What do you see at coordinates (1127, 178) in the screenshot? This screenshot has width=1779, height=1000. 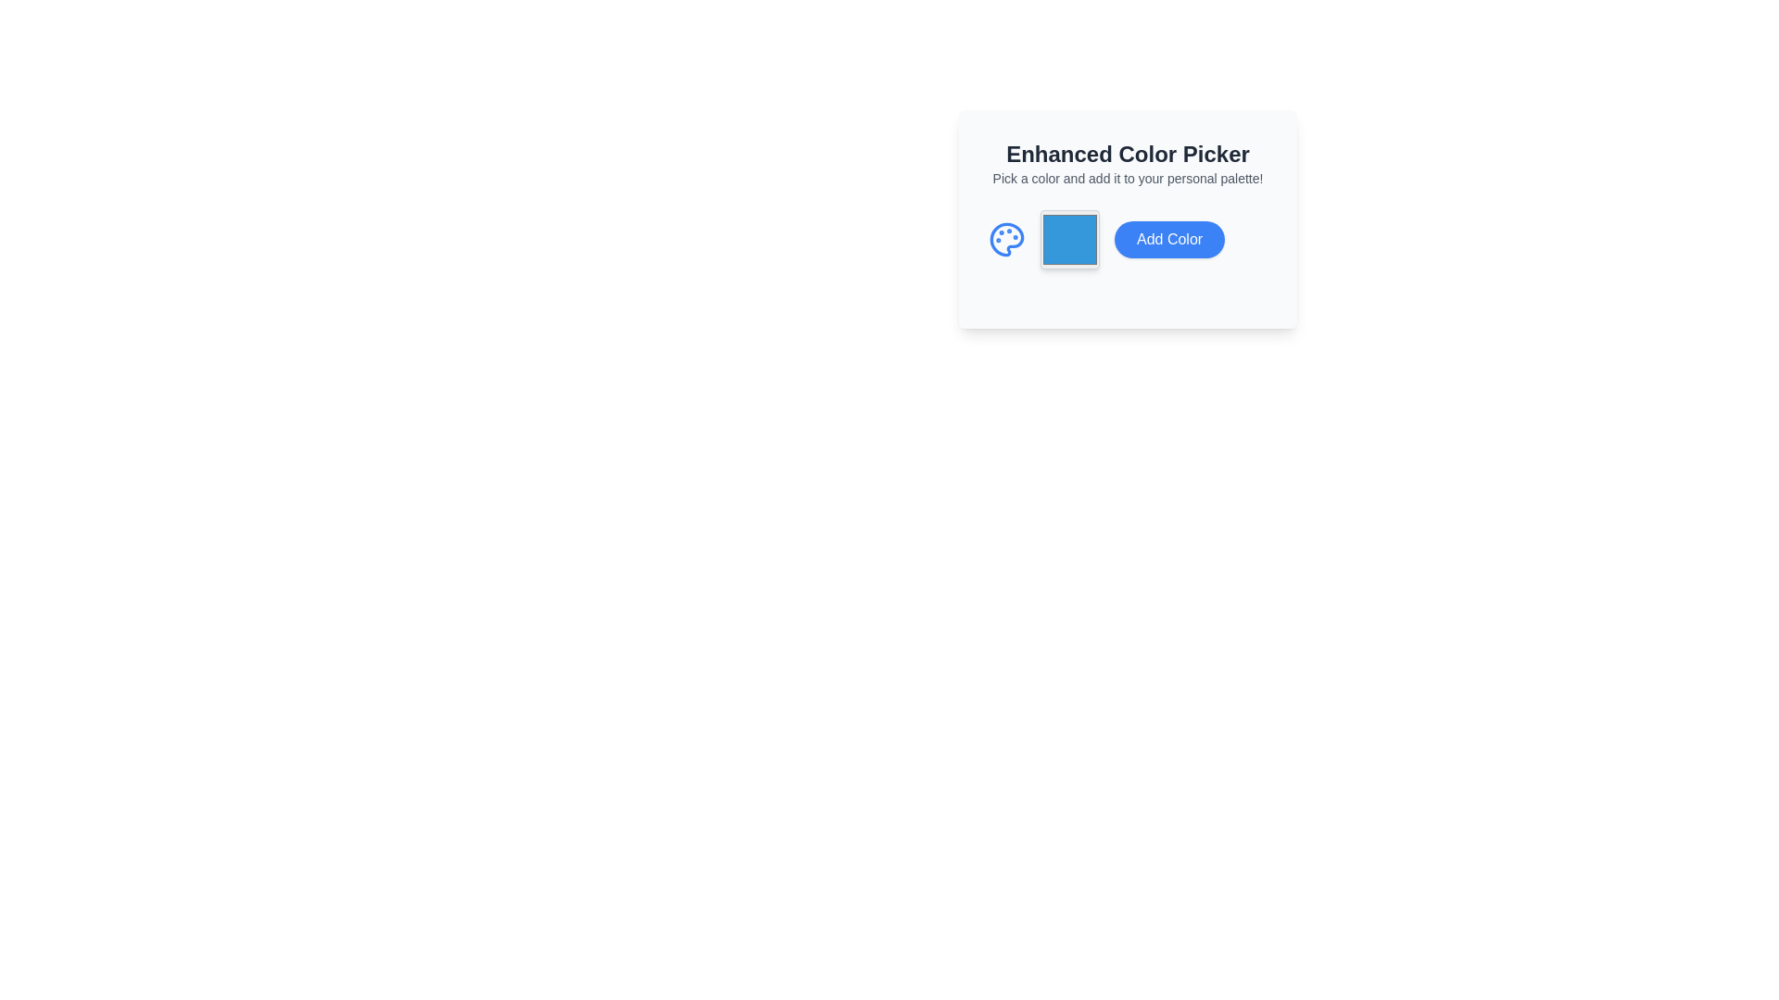 I see `the static text element that reads 'Pick a color and add it to your personal palette!', which is located below the 'Enhanced Color Picker' text within the centered information card` at bounding box center [1127, 178].